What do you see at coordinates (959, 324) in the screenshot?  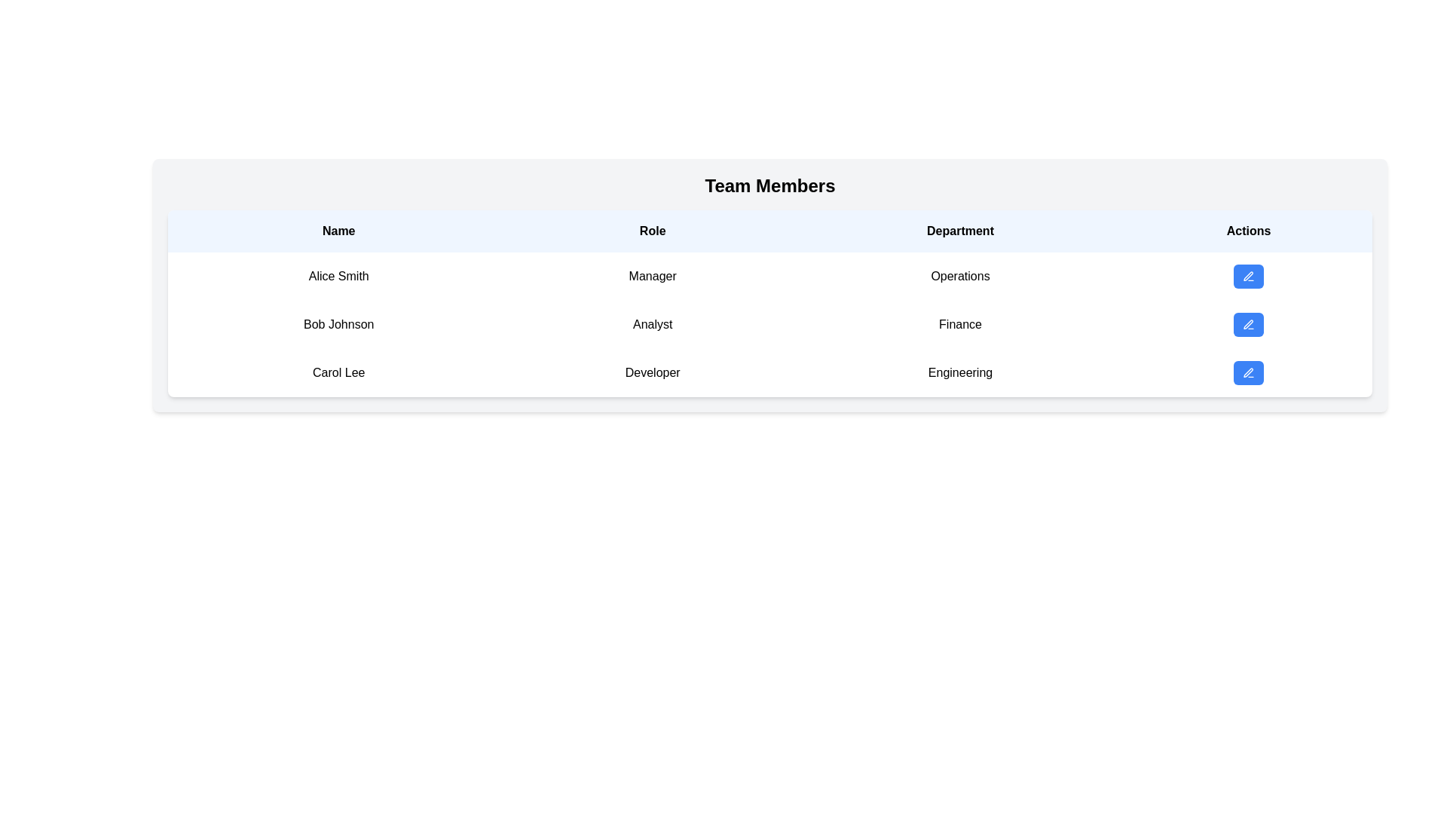 I see `the text label displaying the department name 'Finance' associated with the entry for 'Bob Johnson' in the 'Team Members' table` at bounding box center [959, 324].